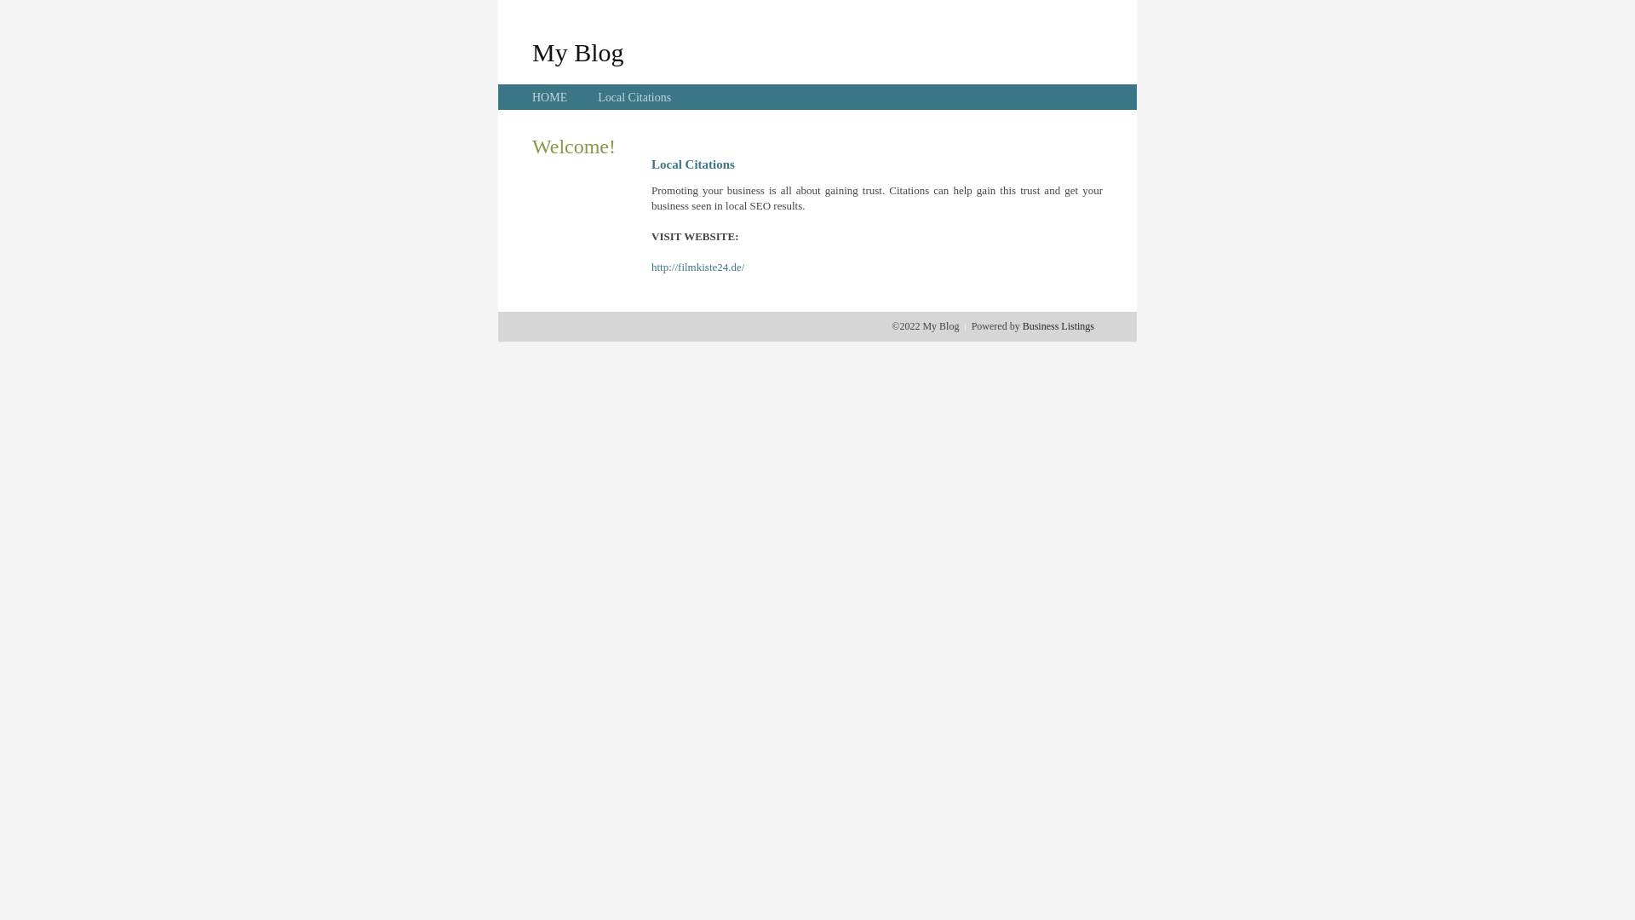  Describe the element at coordinates (1058, 325) in the screenshot. I see `'Business Listings'` at that location.